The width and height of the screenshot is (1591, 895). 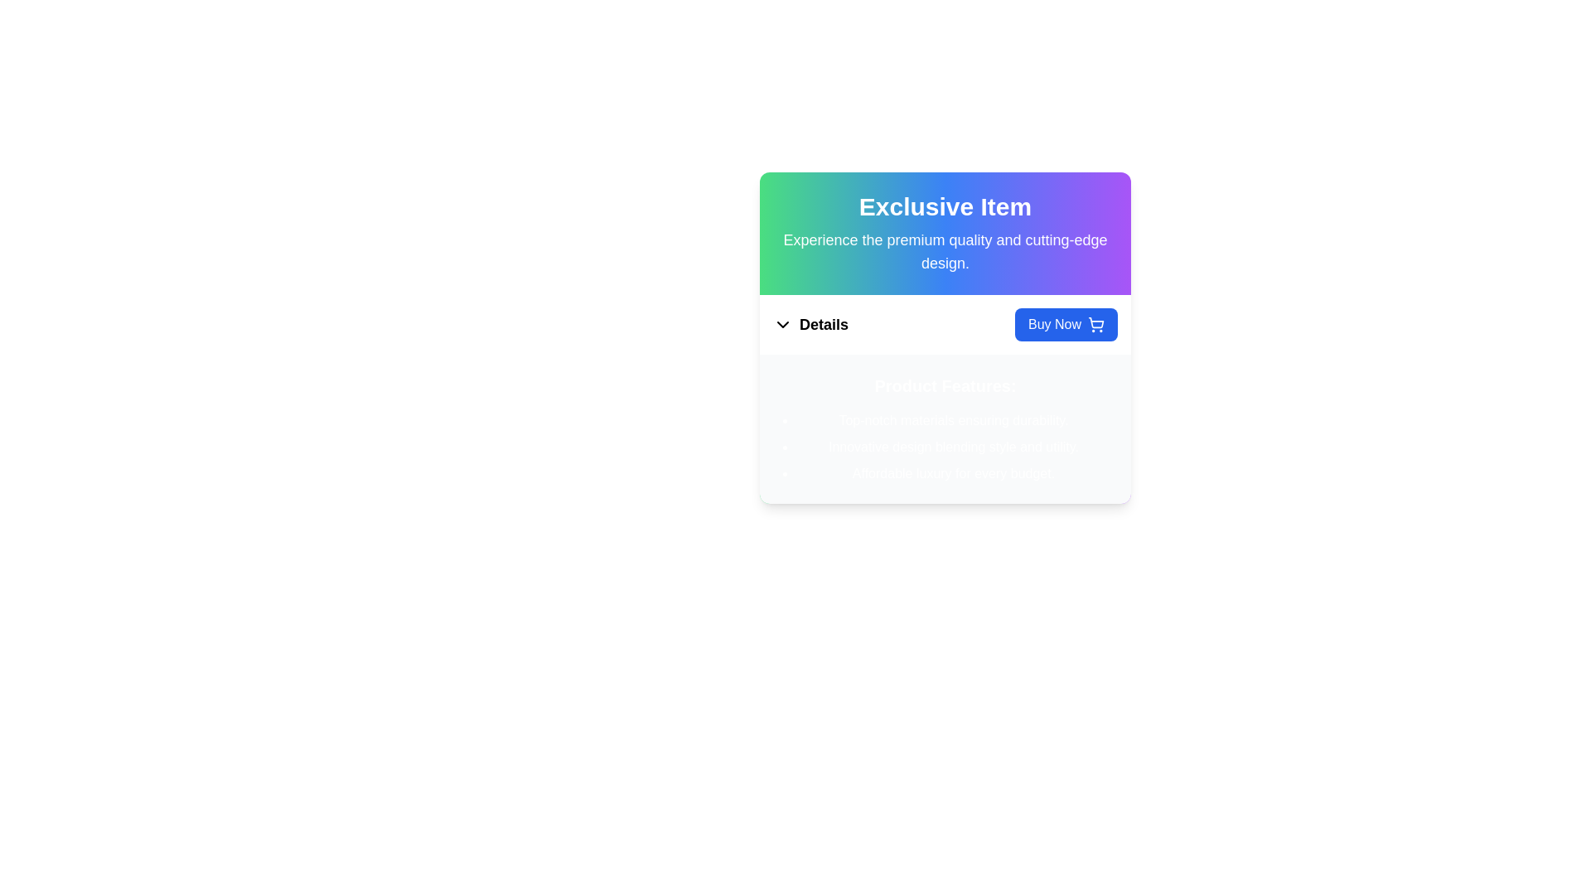 I want to click on the Header element that serves as a prominent title for the section, positioned above the description text 'Experience the premium quality and cutting-edge design.', so click(x=945, y=206).